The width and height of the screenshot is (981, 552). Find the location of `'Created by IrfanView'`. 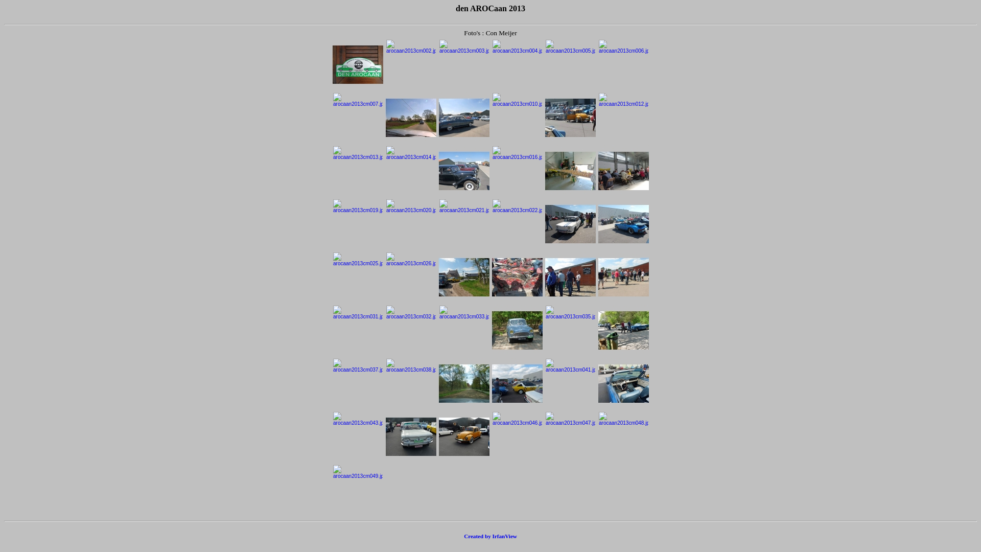

'Created by IrfanView' is located at coordinates (491, 536).